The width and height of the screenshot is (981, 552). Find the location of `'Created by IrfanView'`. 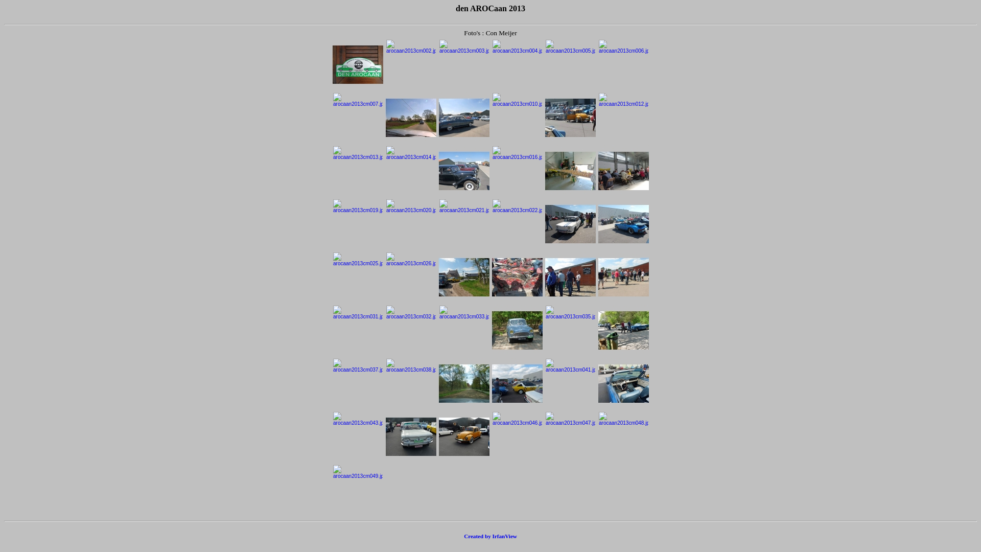

'Created by IrfanView' is located at coordinates (491, 536).